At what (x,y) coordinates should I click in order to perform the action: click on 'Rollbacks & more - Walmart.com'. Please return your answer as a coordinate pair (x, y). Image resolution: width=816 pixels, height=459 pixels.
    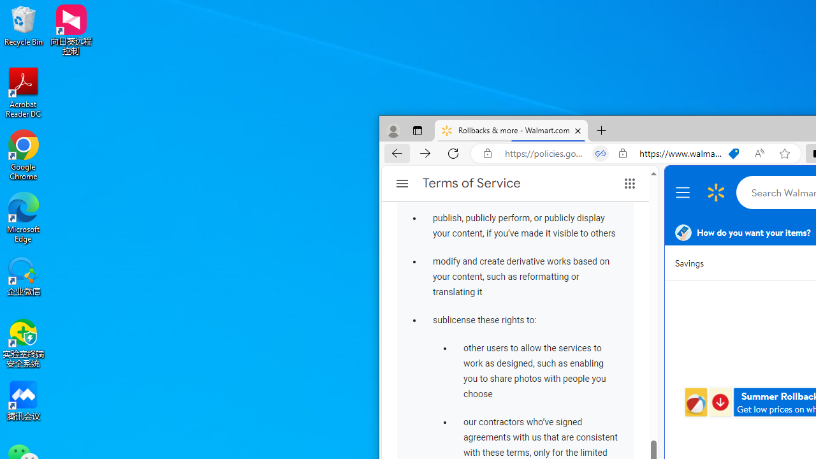
    Looking at the image, I should click on (511, 131).